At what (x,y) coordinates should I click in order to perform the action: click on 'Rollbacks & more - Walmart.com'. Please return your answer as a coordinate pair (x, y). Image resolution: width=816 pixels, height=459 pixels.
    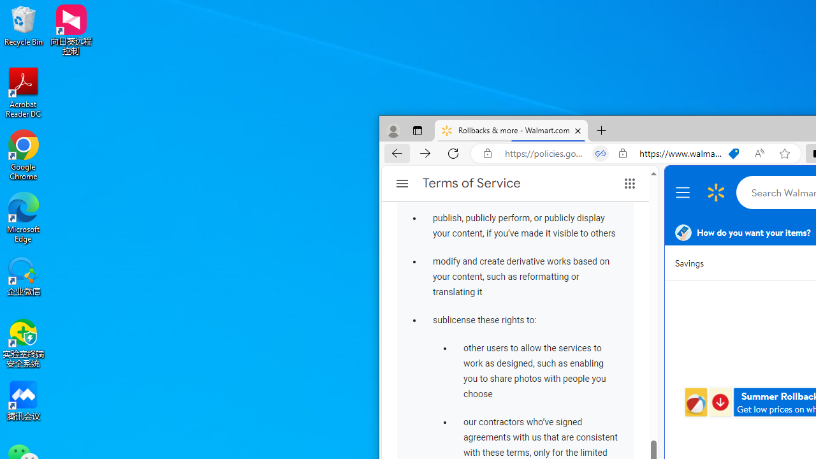
    Looking at the image, I should click on (511, 131).